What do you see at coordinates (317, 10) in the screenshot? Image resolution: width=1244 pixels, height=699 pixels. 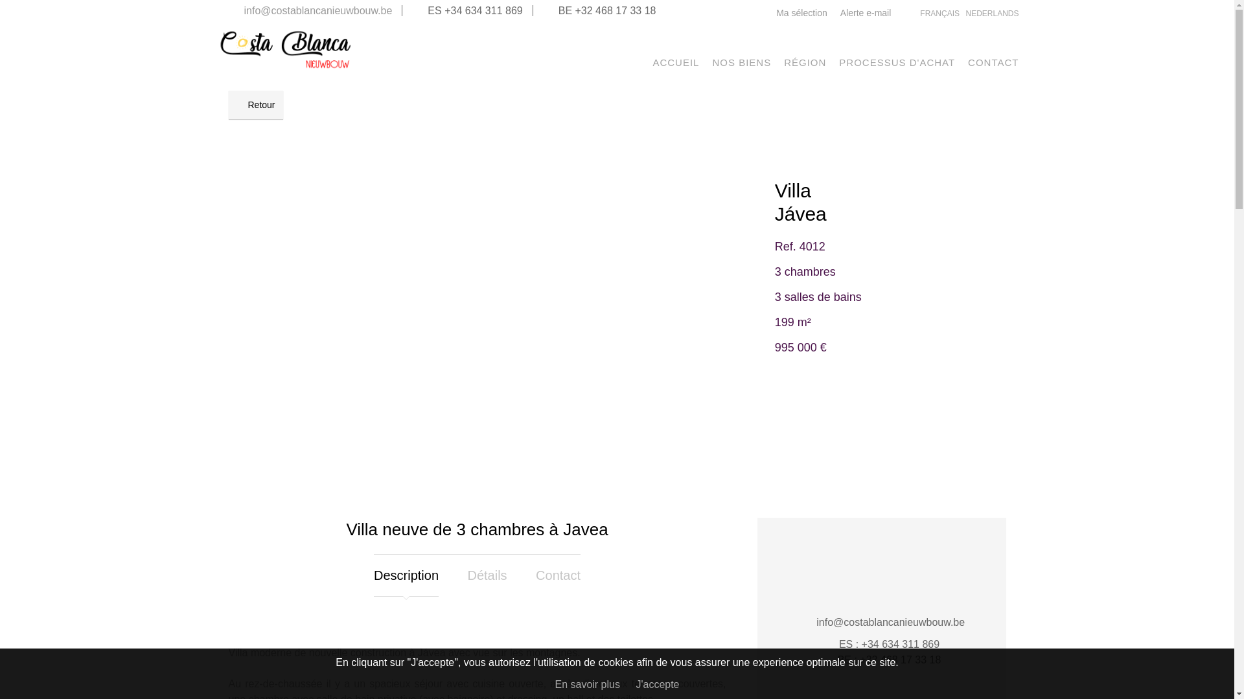 I see `'info@costablancanieuwbouw.be'` at bounding box center [317, 10].